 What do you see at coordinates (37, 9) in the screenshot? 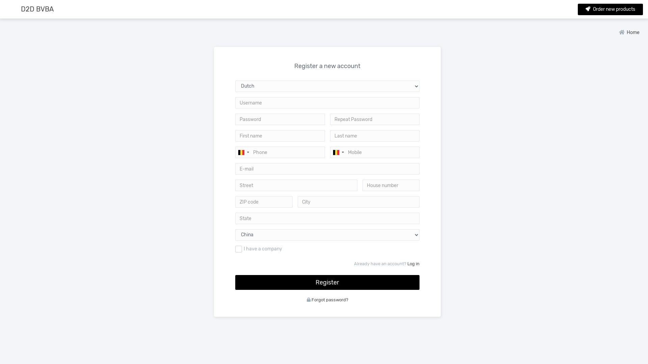
I see `'D2D BVBA'` at bounding box center [37, 9].